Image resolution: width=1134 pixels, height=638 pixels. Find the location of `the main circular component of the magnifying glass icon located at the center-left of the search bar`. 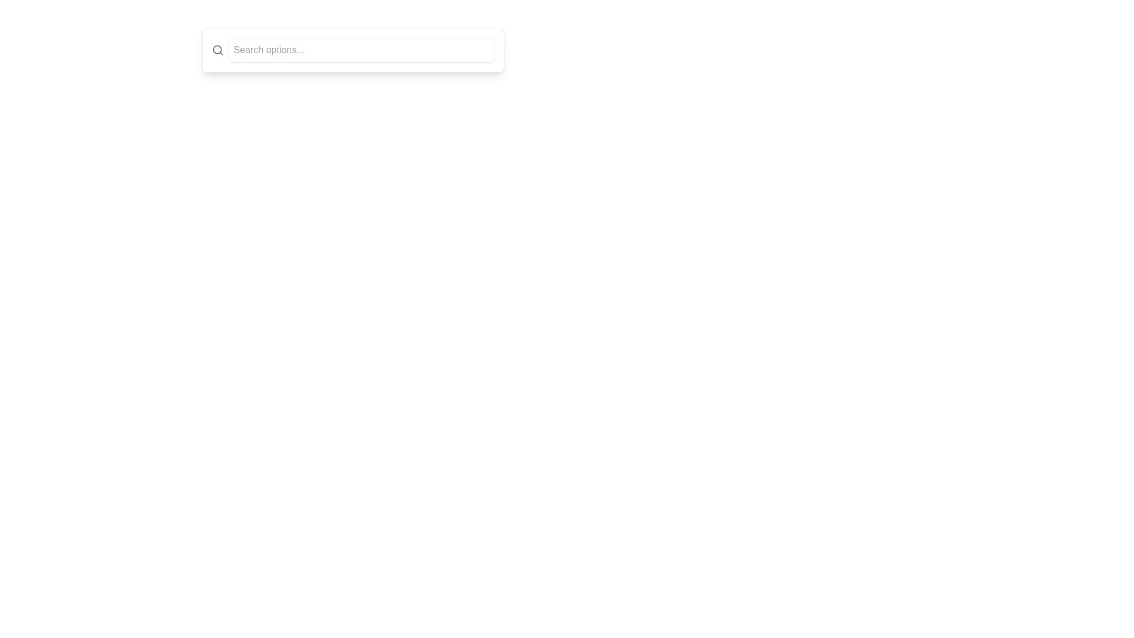

the main circular component of the magnifying glass icon located at the center-left of the search bar is located at coordinates (217, 49).